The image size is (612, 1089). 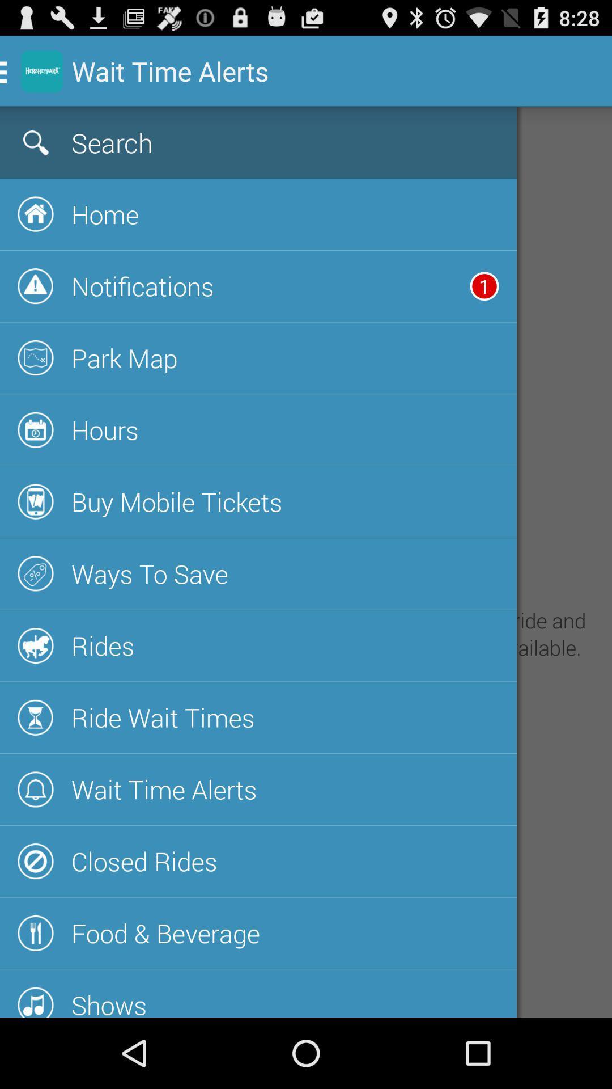 I want to click on the search option, so click(x=223, y=142).